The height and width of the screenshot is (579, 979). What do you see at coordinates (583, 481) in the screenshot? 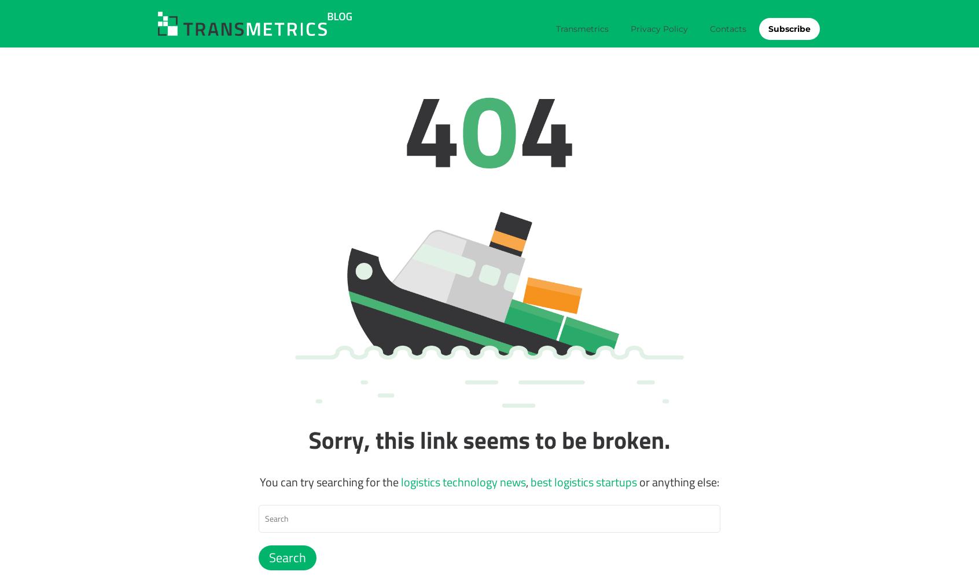
I see `'best logistics startups'` at bounding box center [583, 481].